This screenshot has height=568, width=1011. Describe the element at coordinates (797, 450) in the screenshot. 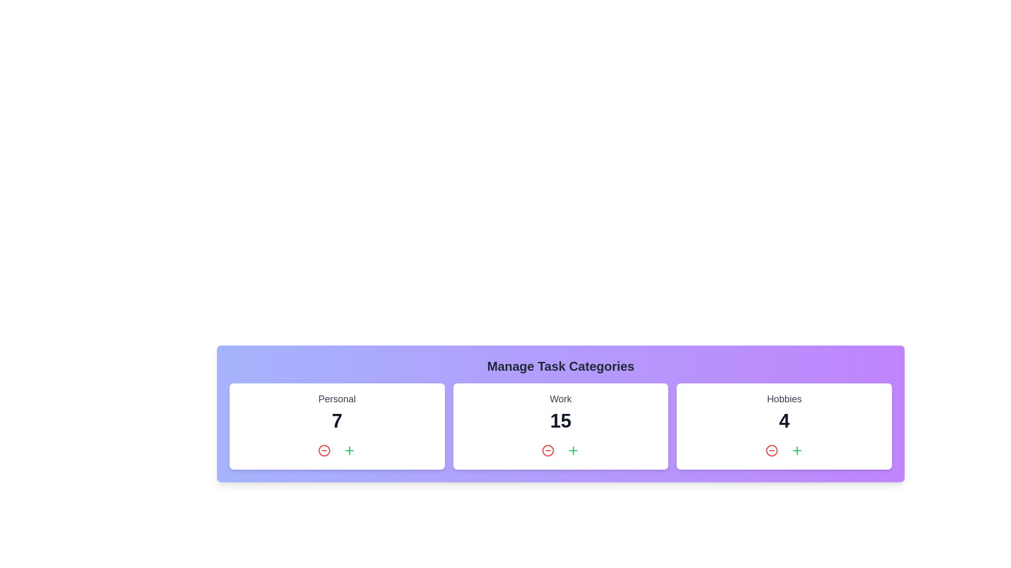

I see `'Plus' button in the 'Hobbies' category to increase its task count` at that location.